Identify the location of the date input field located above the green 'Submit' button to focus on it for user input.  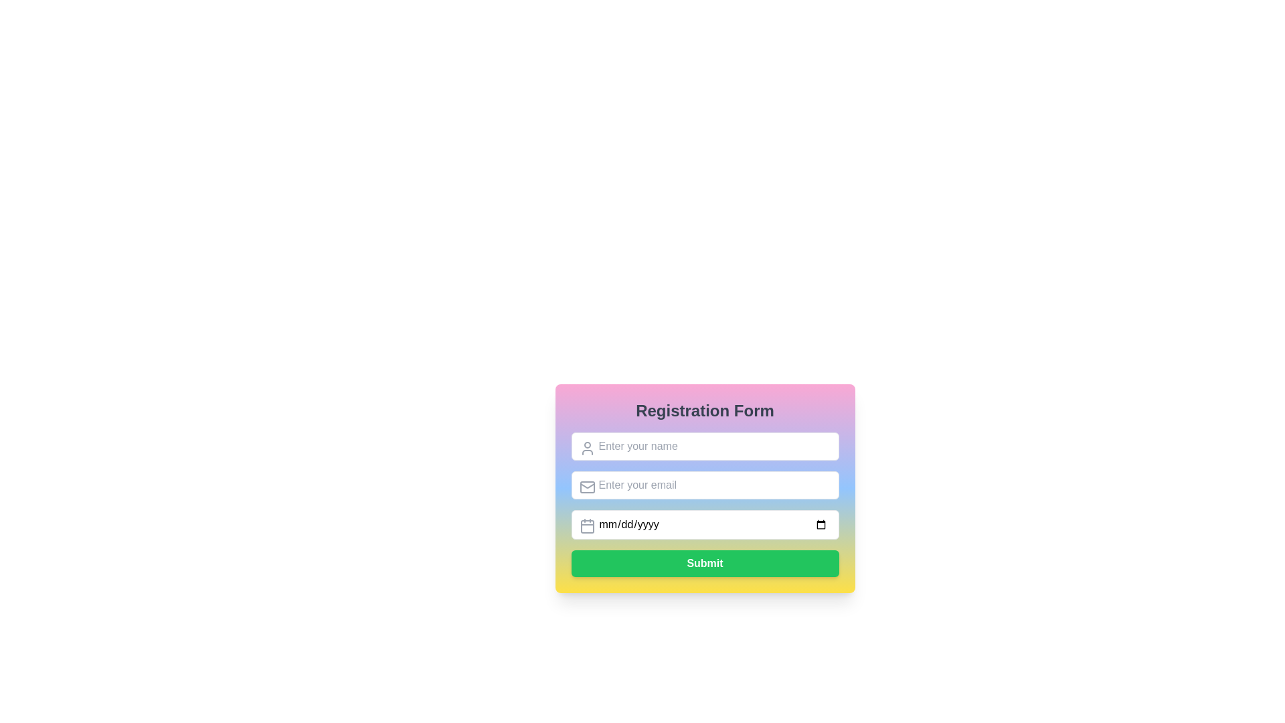
(704, 504).